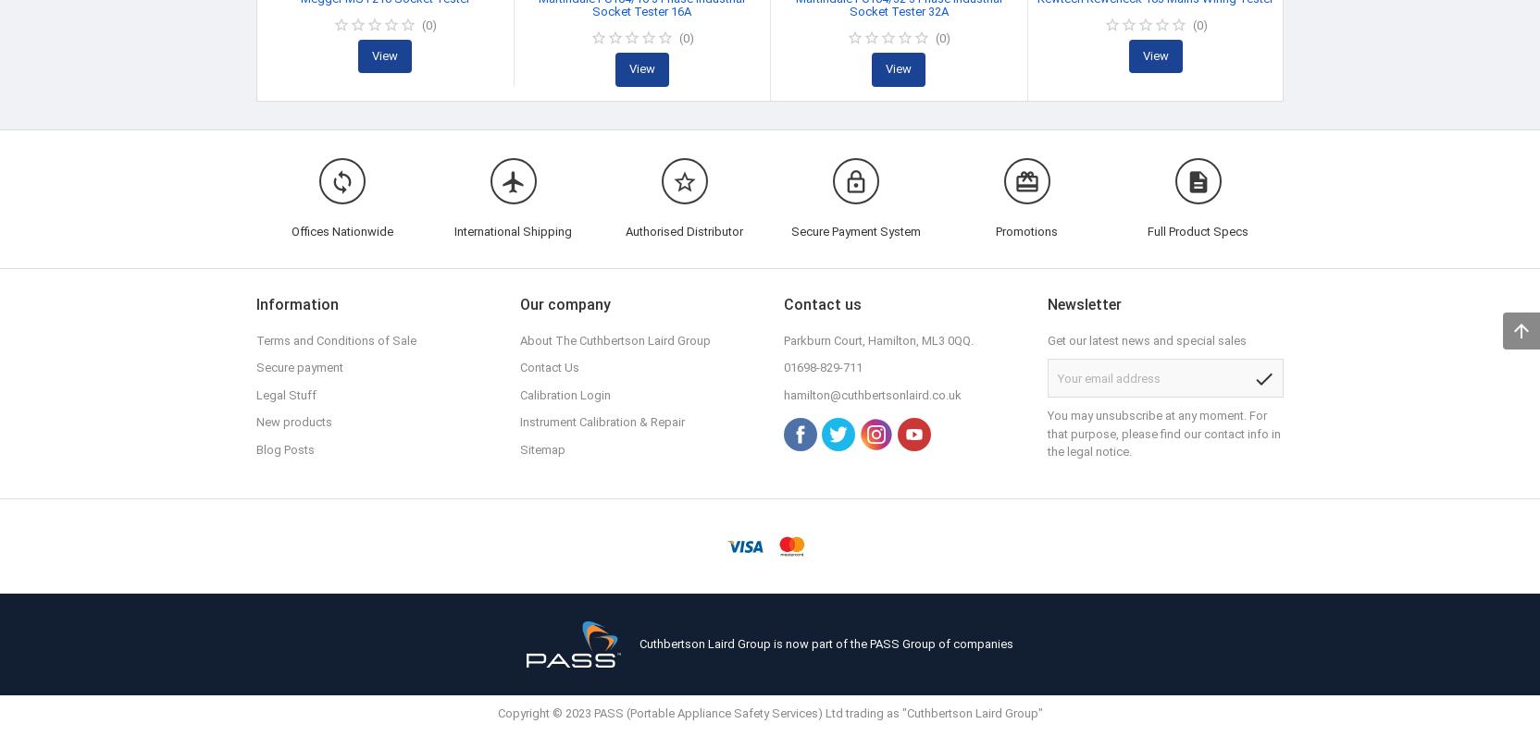 The image size is (1540, 736). I want to click on 'check', so click(1263, 376).